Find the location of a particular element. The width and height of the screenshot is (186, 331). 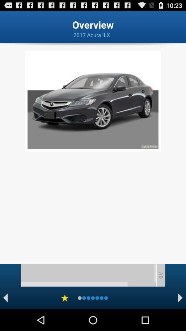

advertisement is located at coordinates (88, 275).